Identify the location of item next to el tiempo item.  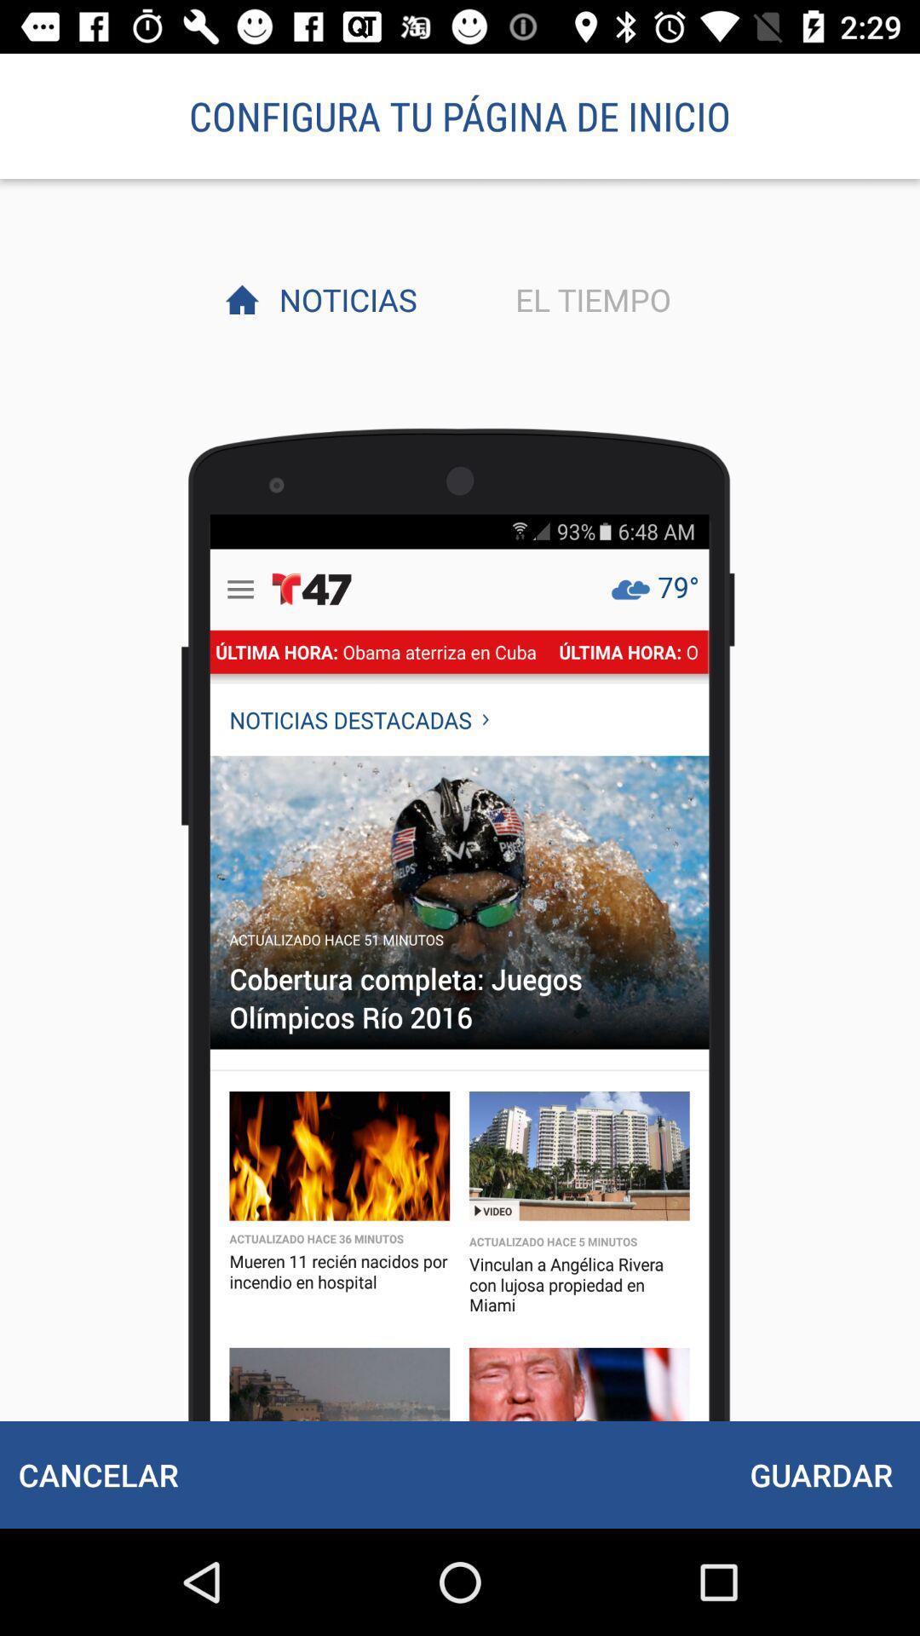
(343, 299).